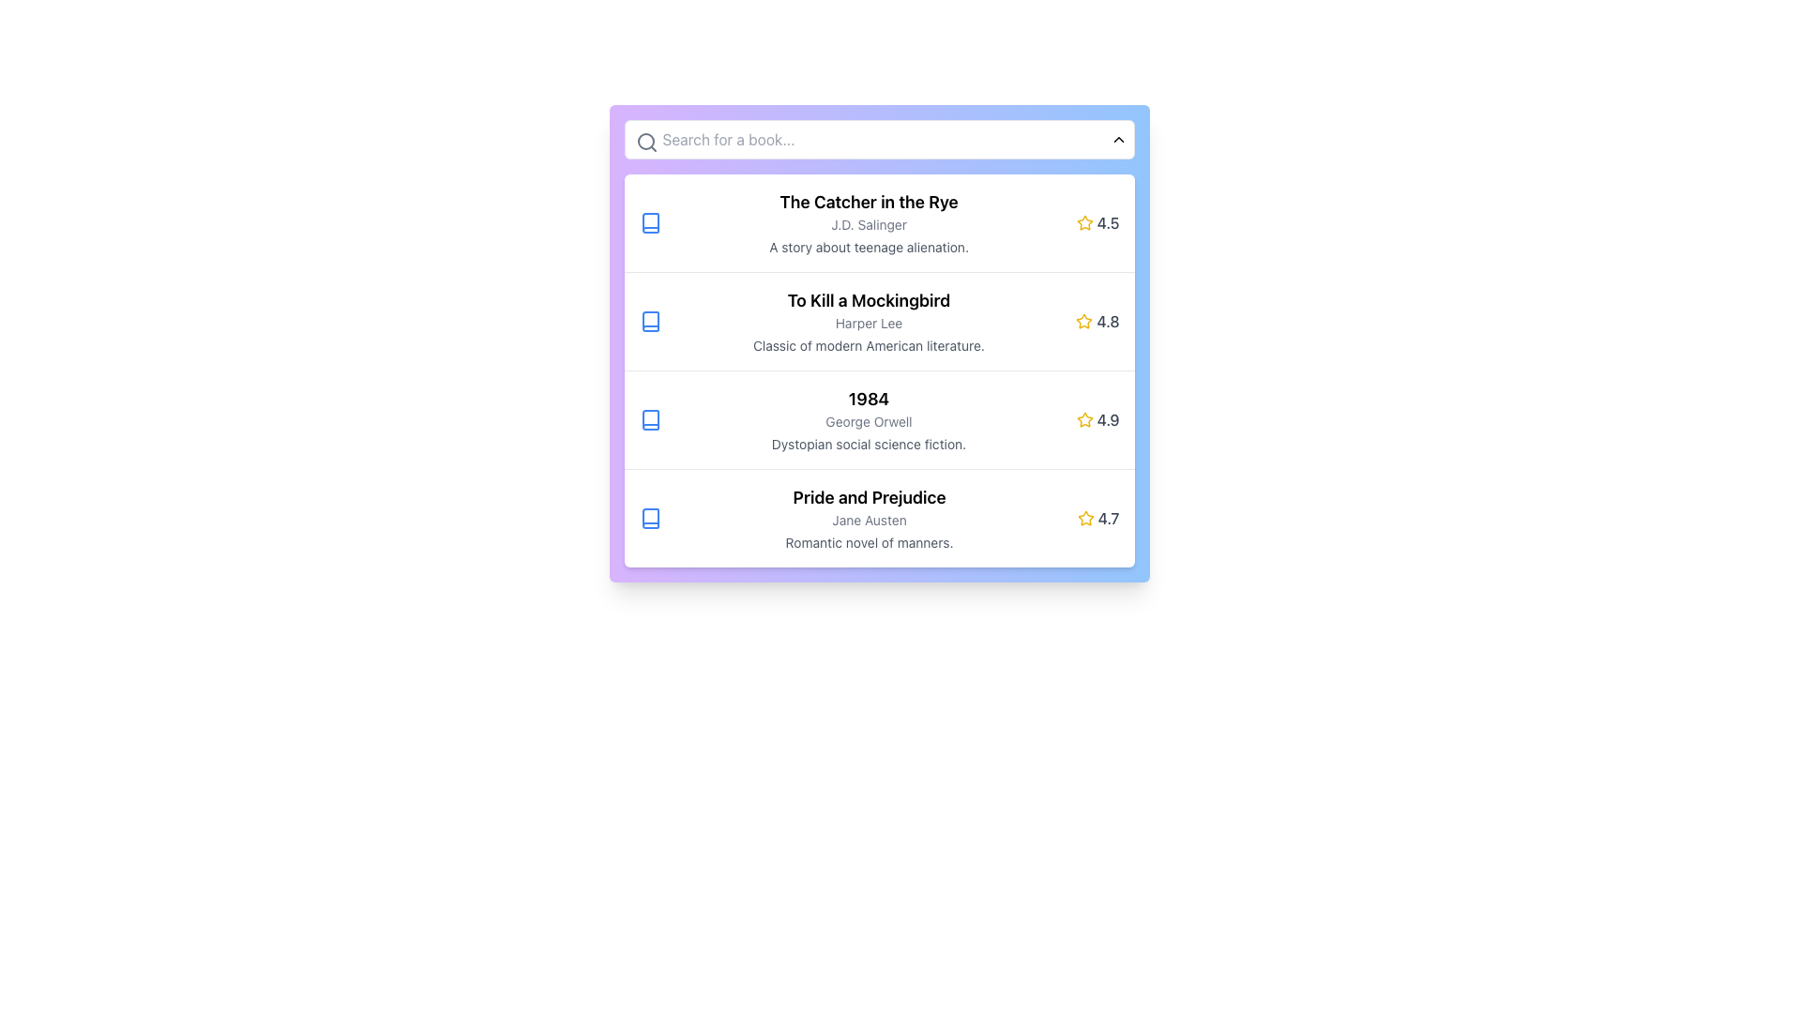  What do you see at coordinates (868, 398) in the screenshot?
I see `title of the book displayed in the static text label, which is positioned at the top center of the listing card` at bounding box center [868, 398].